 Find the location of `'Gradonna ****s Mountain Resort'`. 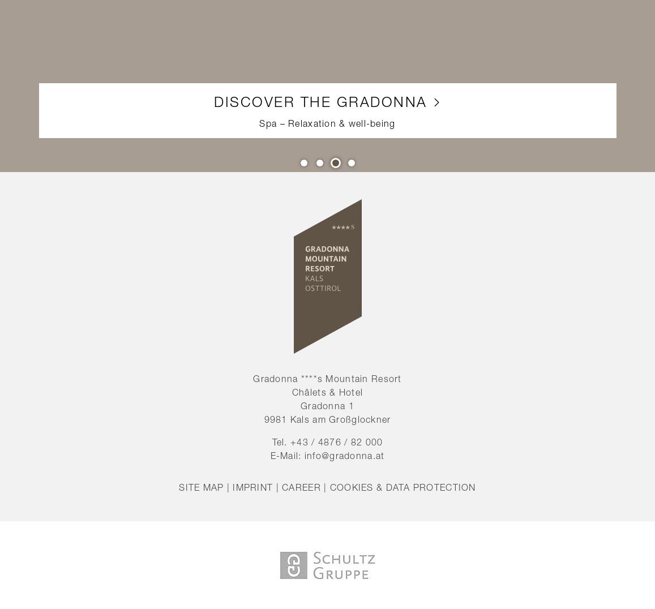

'Gradonna ****s Mountain Resort' is located at coordinates (327, 378).